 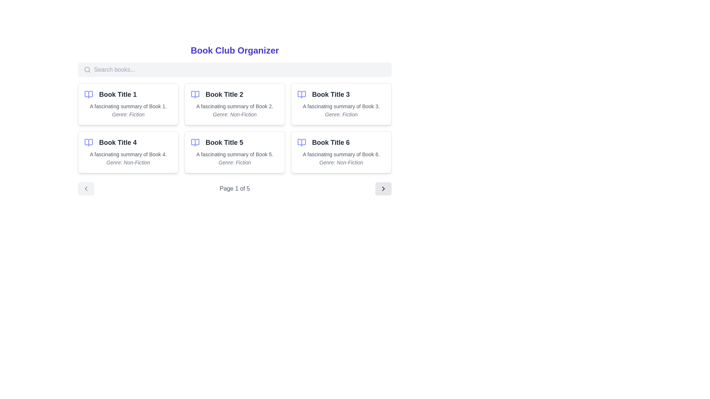 What do you see at coordinates (128, 154) in the screenshot?
I see `text that summarizes Book 4, which appears in a smaller grayish font below the title 'Book Title 4' in the card layout` at bounding box center [128, 154].